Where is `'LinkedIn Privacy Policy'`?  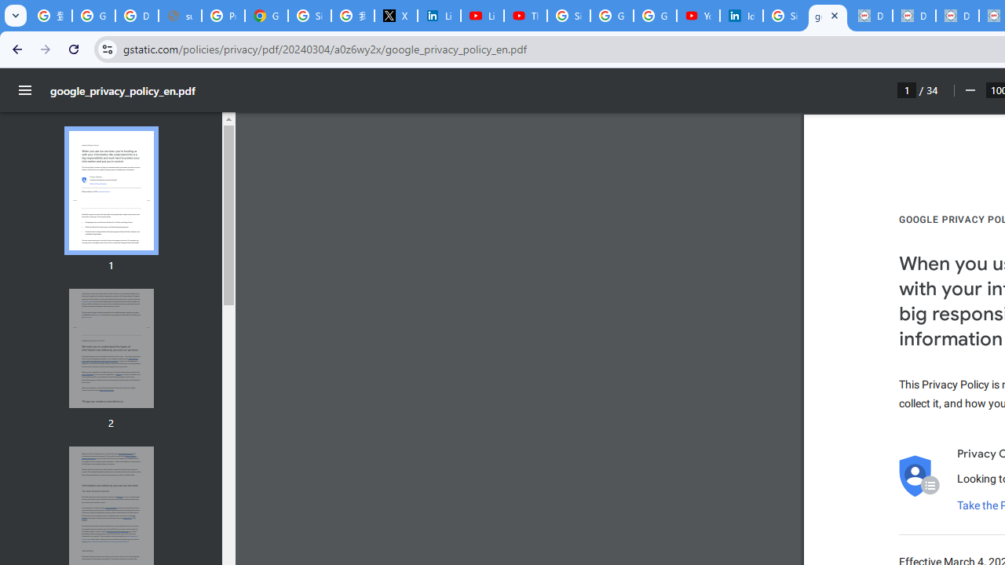
'LinkedIn Privacy Policy' is located at coordinates (440, 16).